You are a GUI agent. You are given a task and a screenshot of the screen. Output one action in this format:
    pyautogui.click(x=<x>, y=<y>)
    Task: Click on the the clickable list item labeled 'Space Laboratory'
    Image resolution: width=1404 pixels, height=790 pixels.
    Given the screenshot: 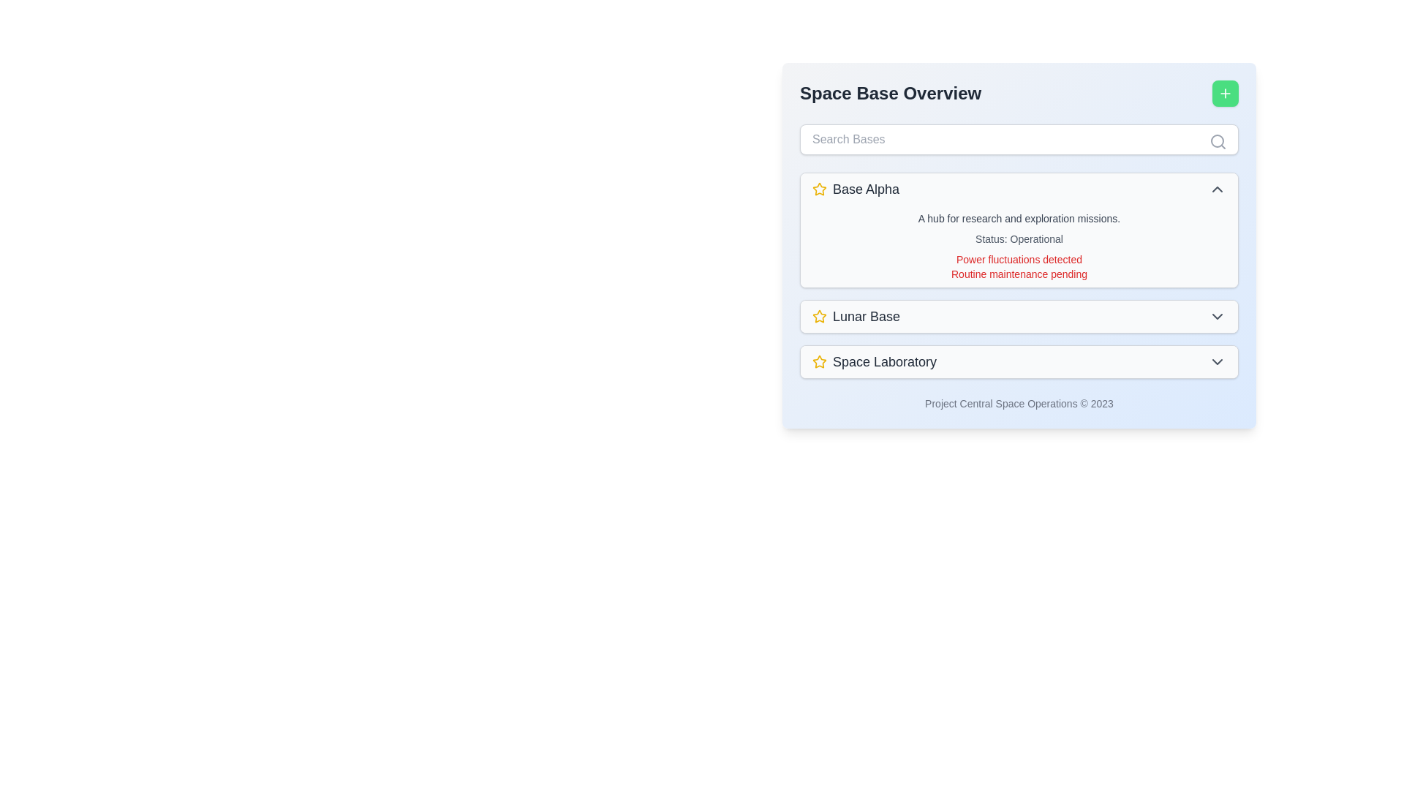 What is the action you would take?
    pyautogui.click(x=874, y=361)
    